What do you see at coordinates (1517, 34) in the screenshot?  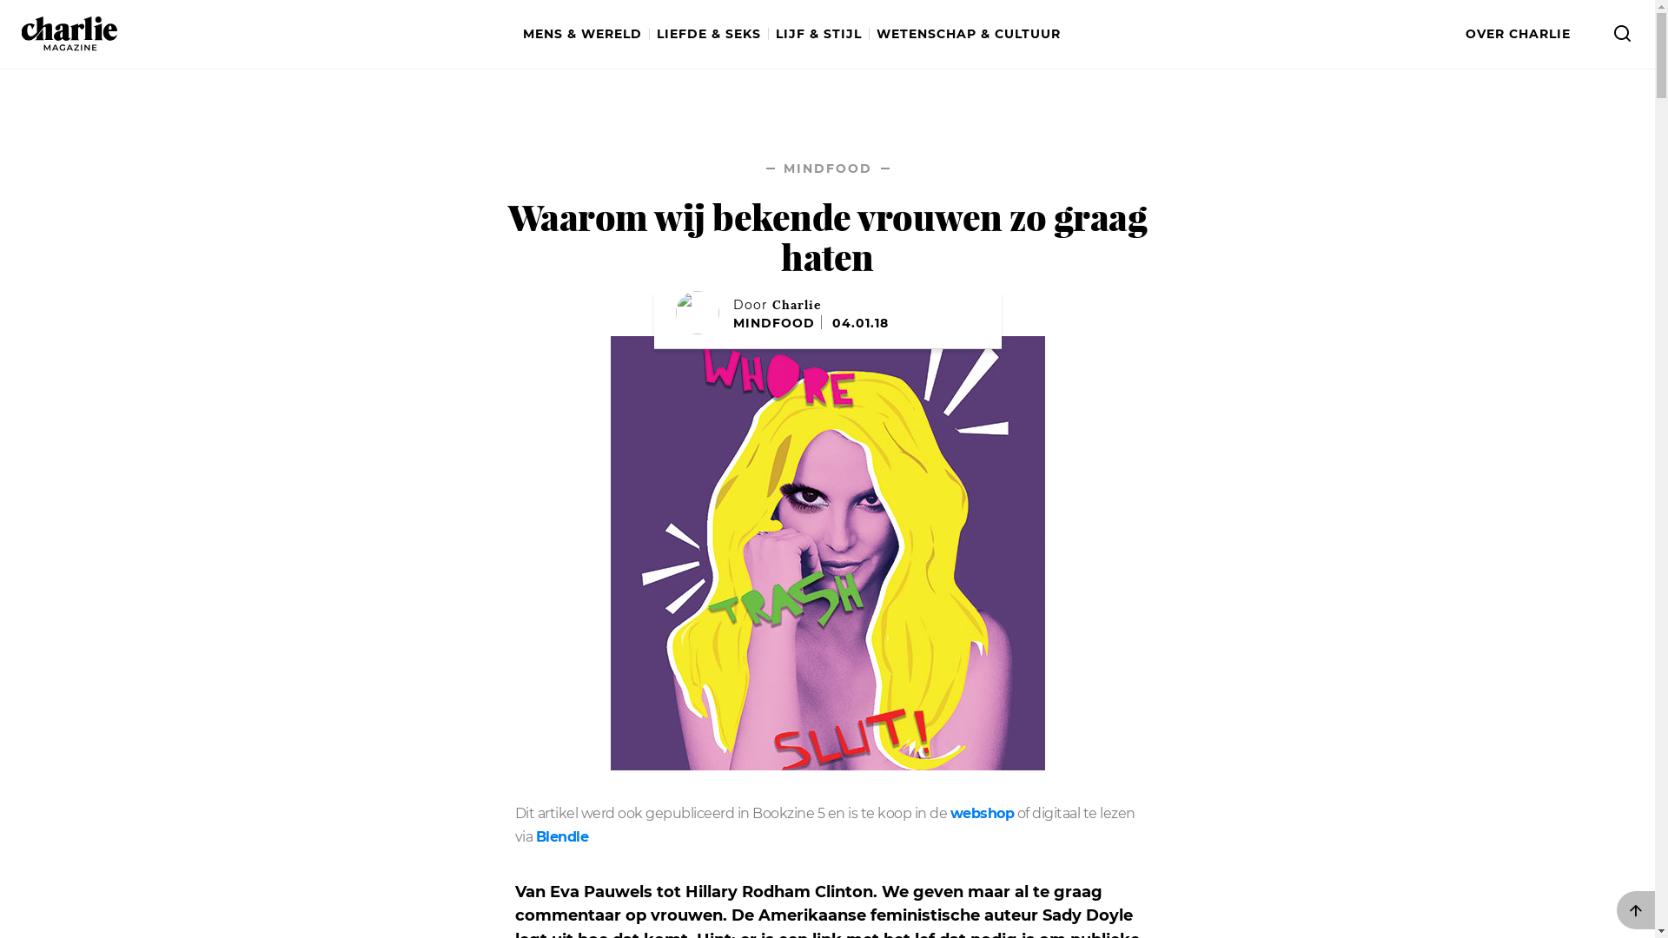 I see `'OVER CHARLIE'` at bounding box center [1517, 34].